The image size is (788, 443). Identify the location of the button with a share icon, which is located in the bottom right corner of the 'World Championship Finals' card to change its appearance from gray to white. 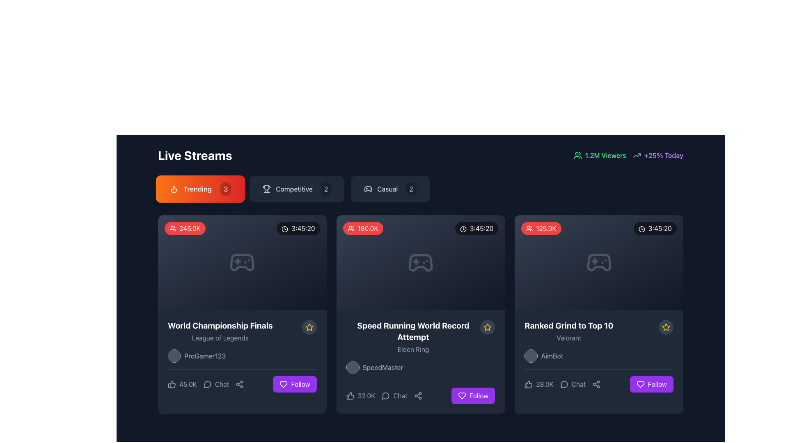
(239, 384).